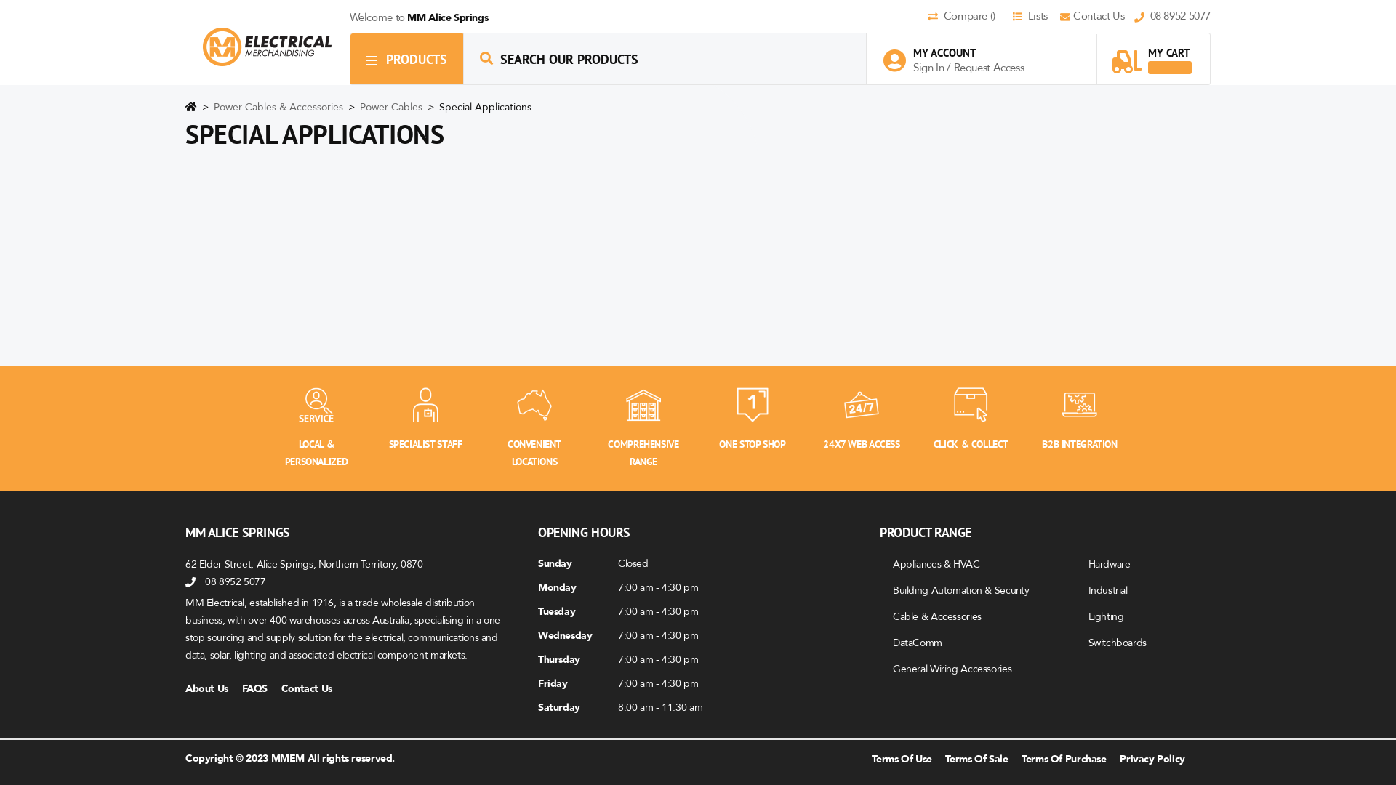  Describe the element at coordinates (970, 403) in the screenshot. I see `'Click & Collect'` at that location.